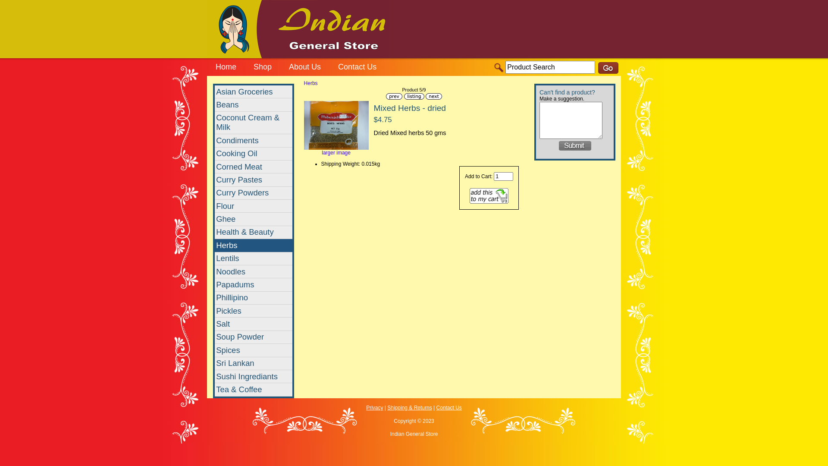  I want to click on 'Asian Groceries', so click(253, 91).